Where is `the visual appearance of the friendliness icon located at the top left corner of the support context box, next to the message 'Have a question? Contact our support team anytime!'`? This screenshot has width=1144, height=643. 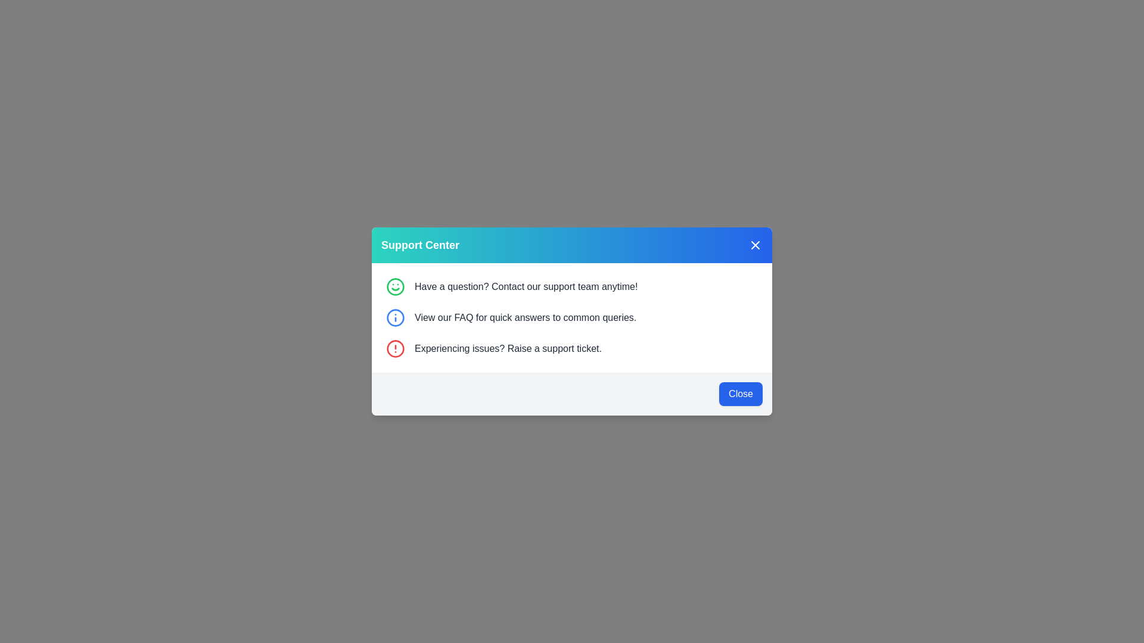 the visual appearance of the friendliness icon located at the top left corner of the support context box, next to the message 'Have a question? Contact our support team anytime!' is located at coordinates (395, 287).